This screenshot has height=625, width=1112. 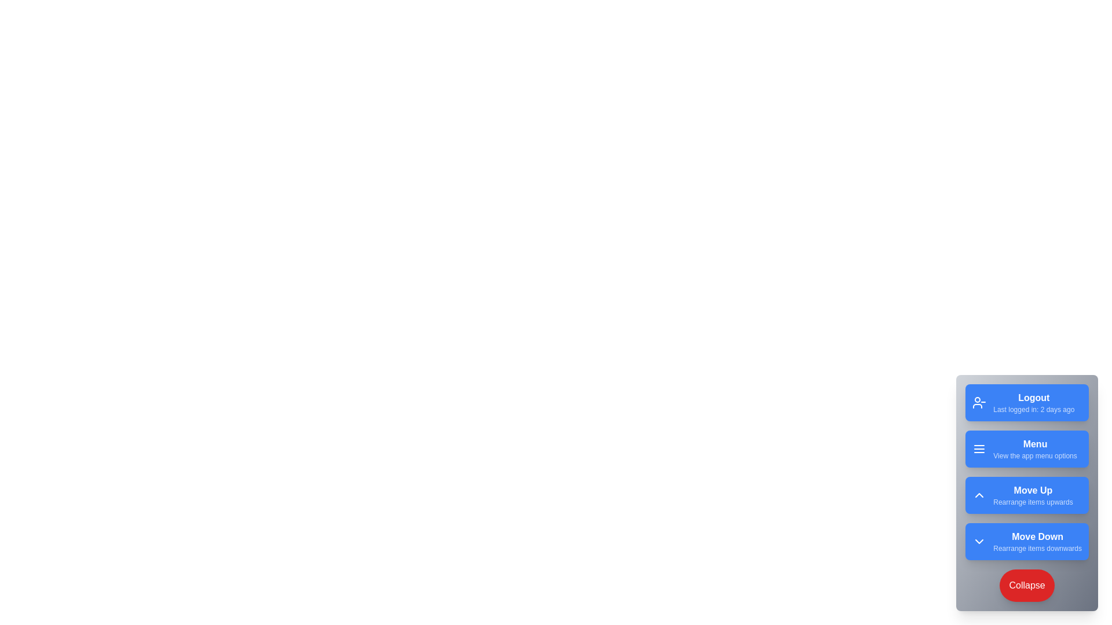 I want to click on the downward-pointing chevron icon located within the blue 'Move Down' button, which is above the descriptive text 'Rearrange items downwards.', so click(x=979, y=542).